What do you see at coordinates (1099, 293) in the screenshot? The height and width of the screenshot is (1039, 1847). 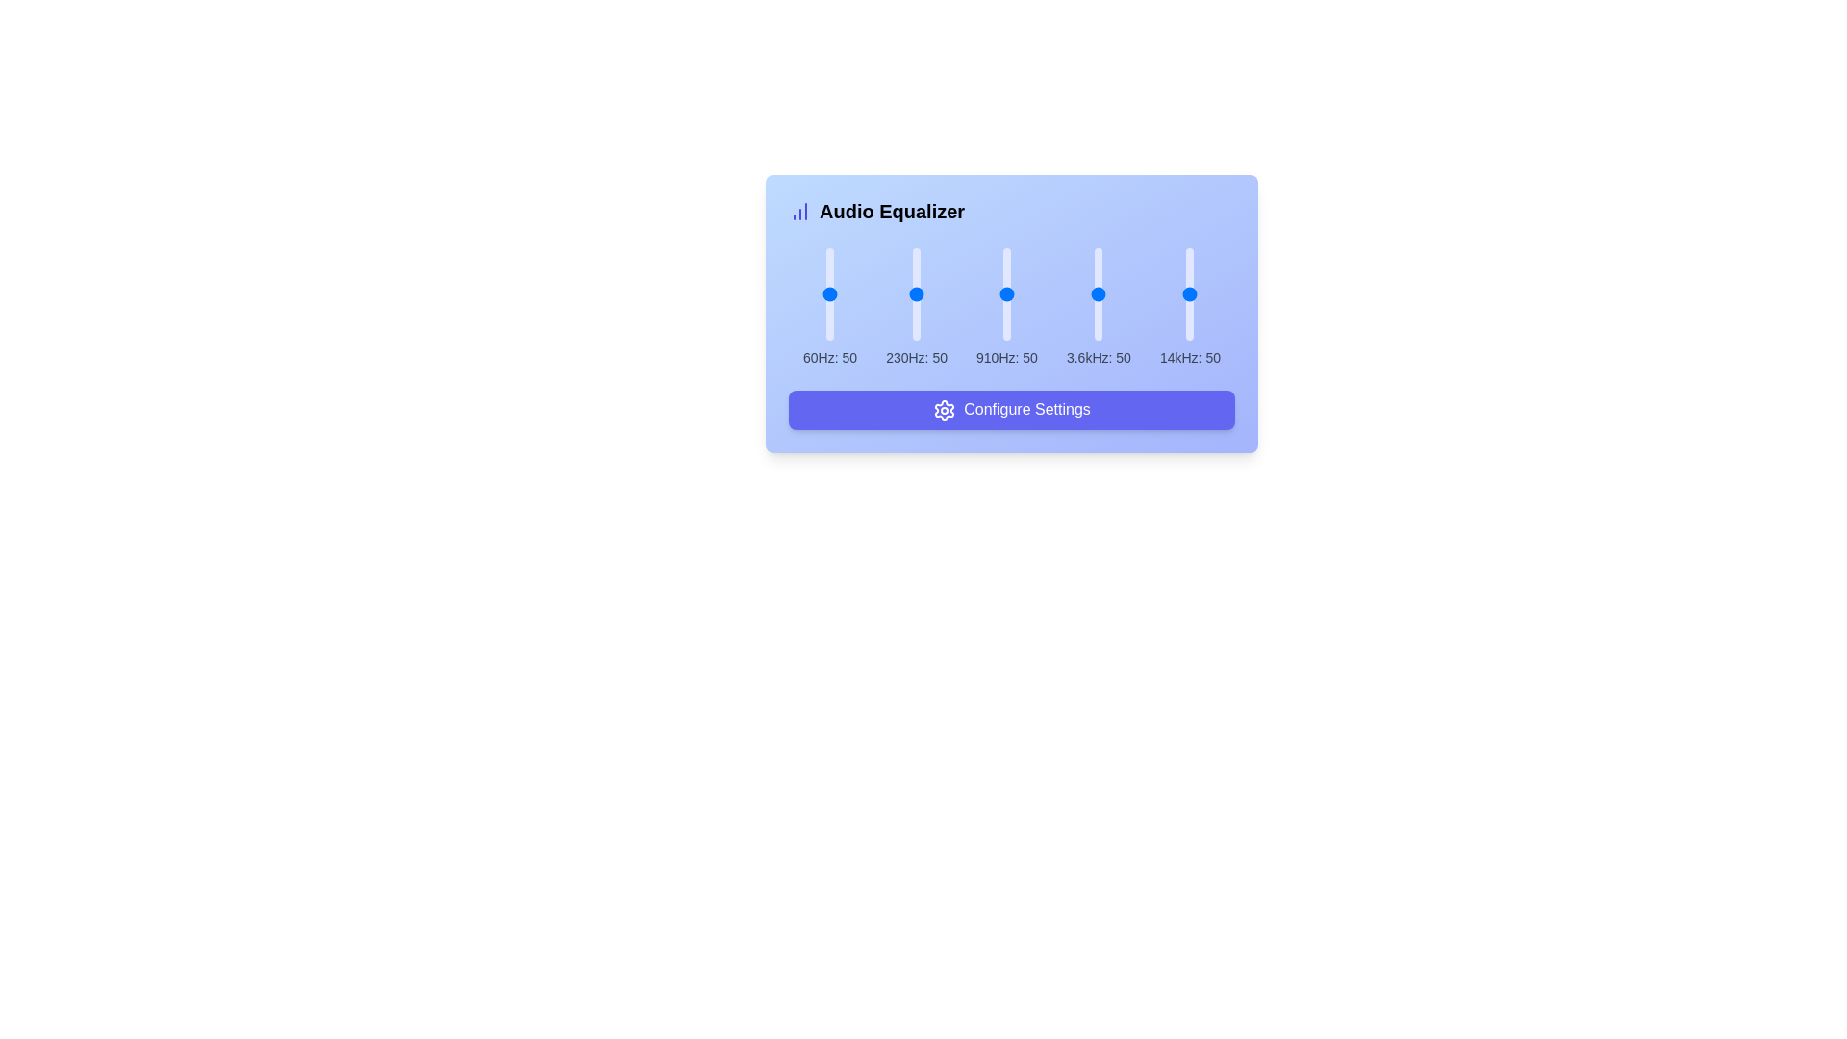 I see `the audio frequency adjustment slider for 3.6kHz, which is the fourth slider in the equalizer panel` at bounding box center [1099, 293].